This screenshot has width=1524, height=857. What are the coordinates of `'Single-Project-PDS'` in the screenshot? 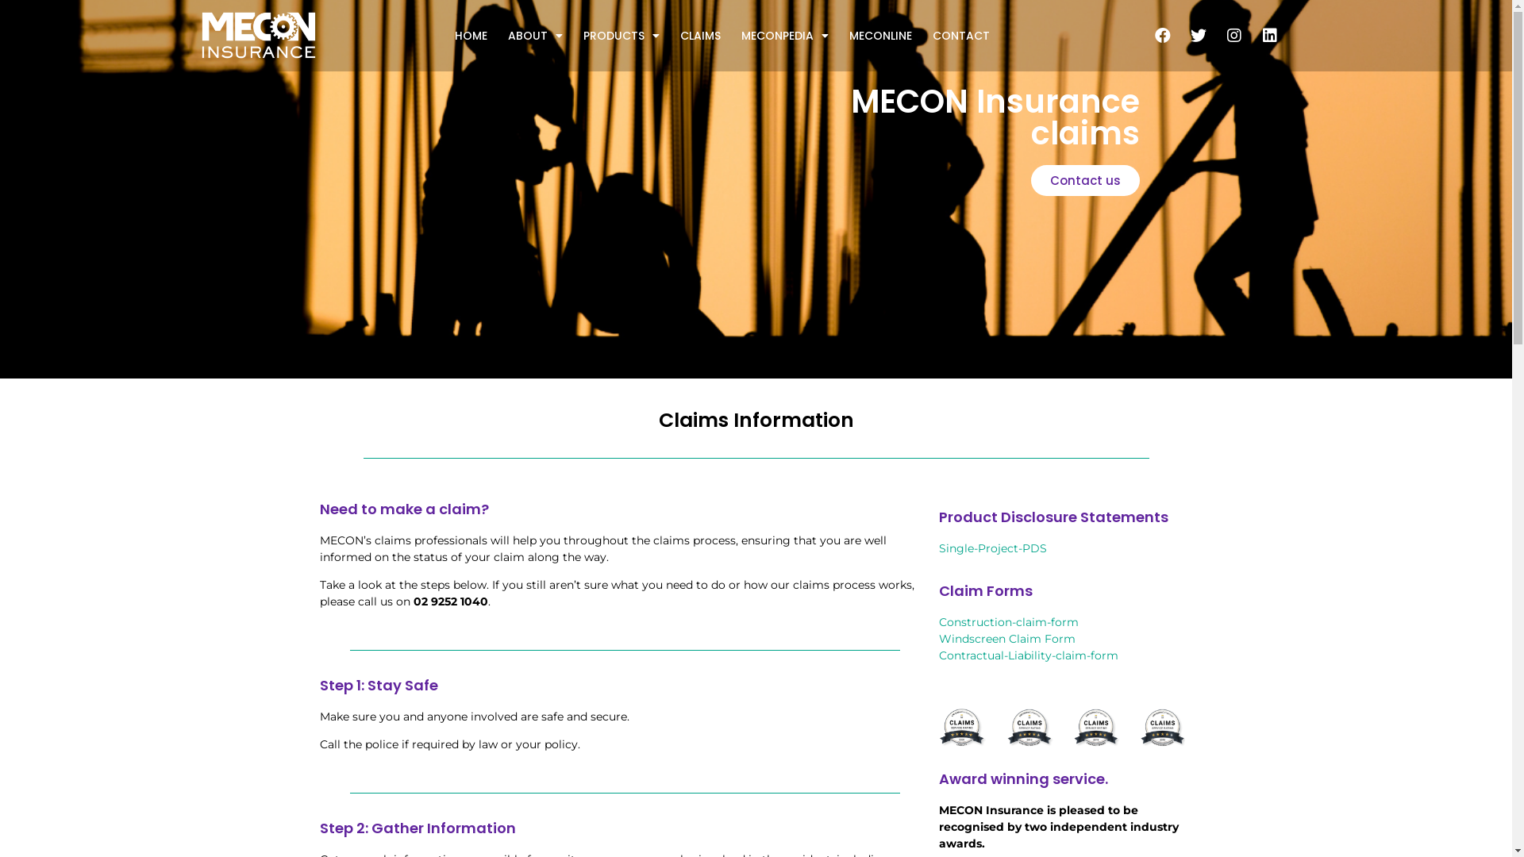 It's located at (937, 547).